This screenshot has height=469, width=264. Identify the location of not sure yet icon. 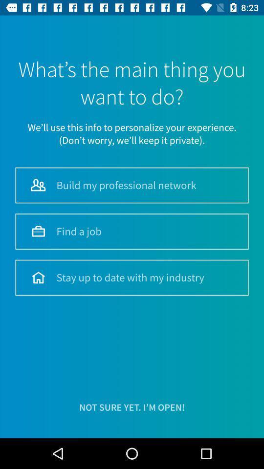
(132, 407).